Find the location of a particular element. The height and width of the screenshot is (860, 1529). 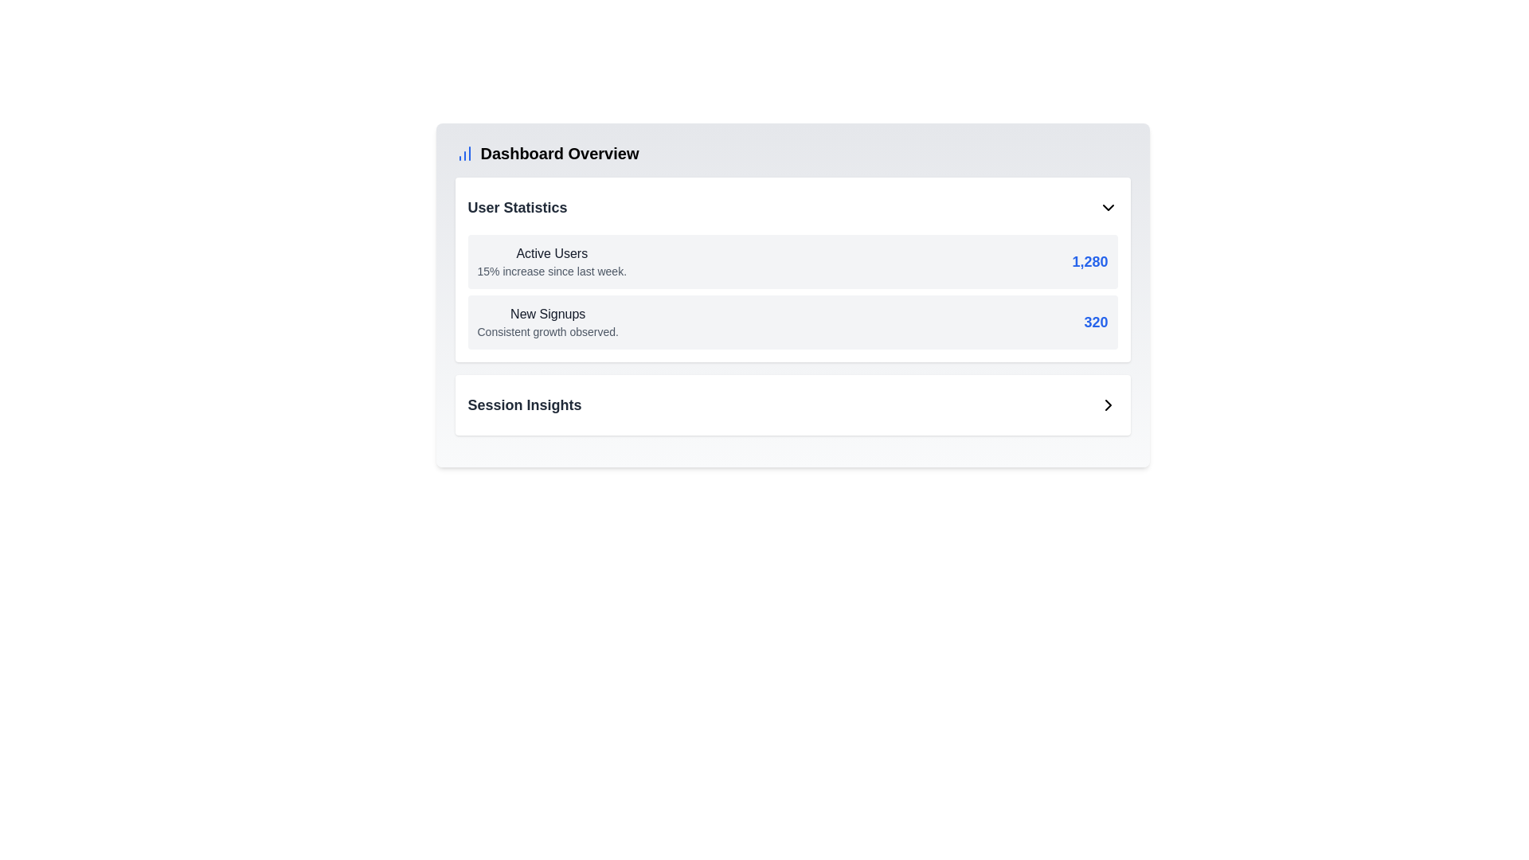

the Chevron icon located on the far right of the row containing the 'Session Insights' label is located at coordinates (1107, 405).